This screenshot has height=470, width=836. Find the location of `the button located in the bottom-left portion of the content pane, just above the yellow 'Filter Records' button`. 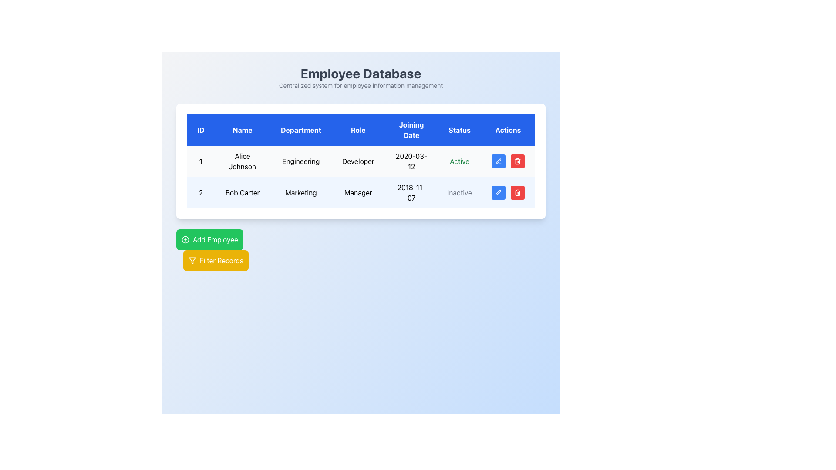

the button located in the bottom-left portion of the content pane, just above the yellow 'Filter Records' button is located at coordinates (209, 240).